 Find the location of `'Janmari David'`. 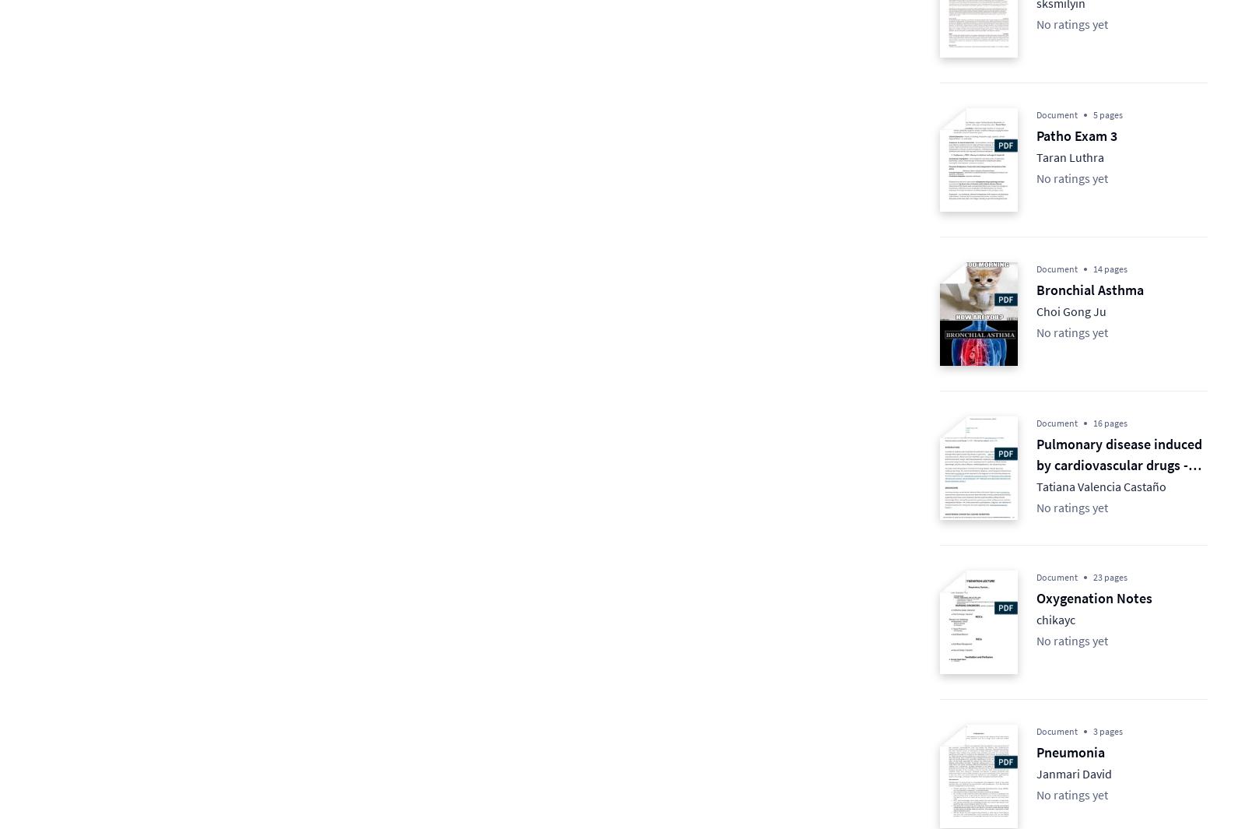

'Janmari David' is located at coordinates (1073, 773).